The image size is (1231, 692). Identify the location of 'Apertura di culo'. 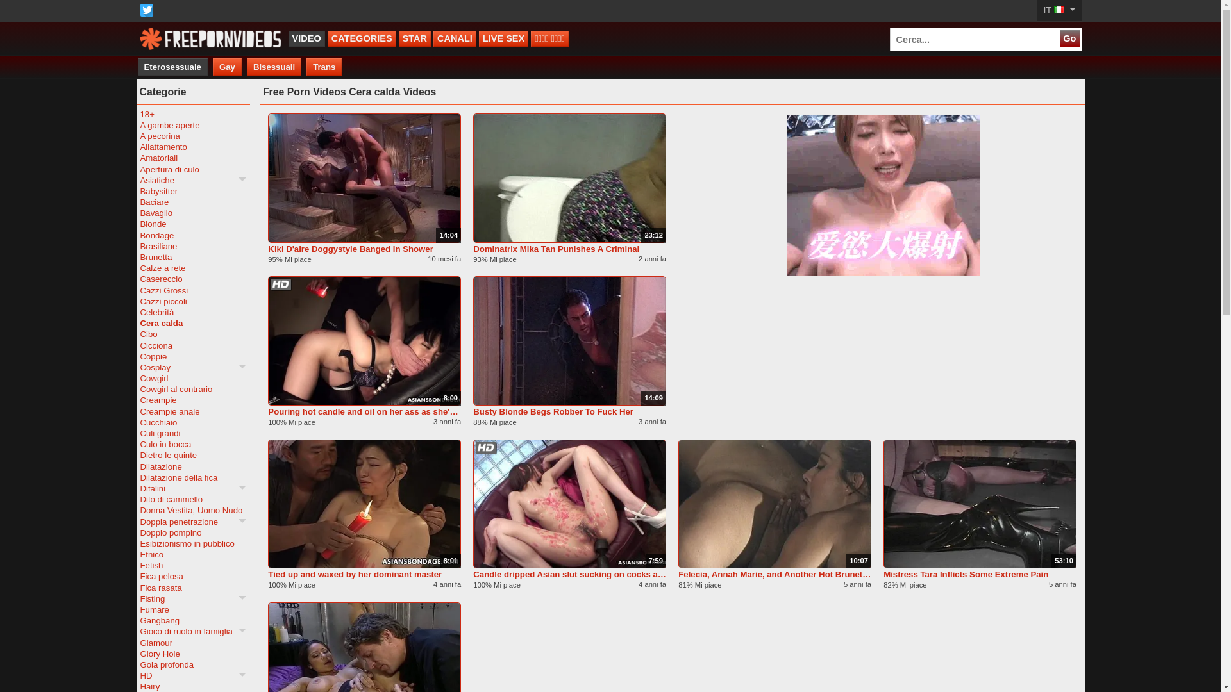
(192, 169).